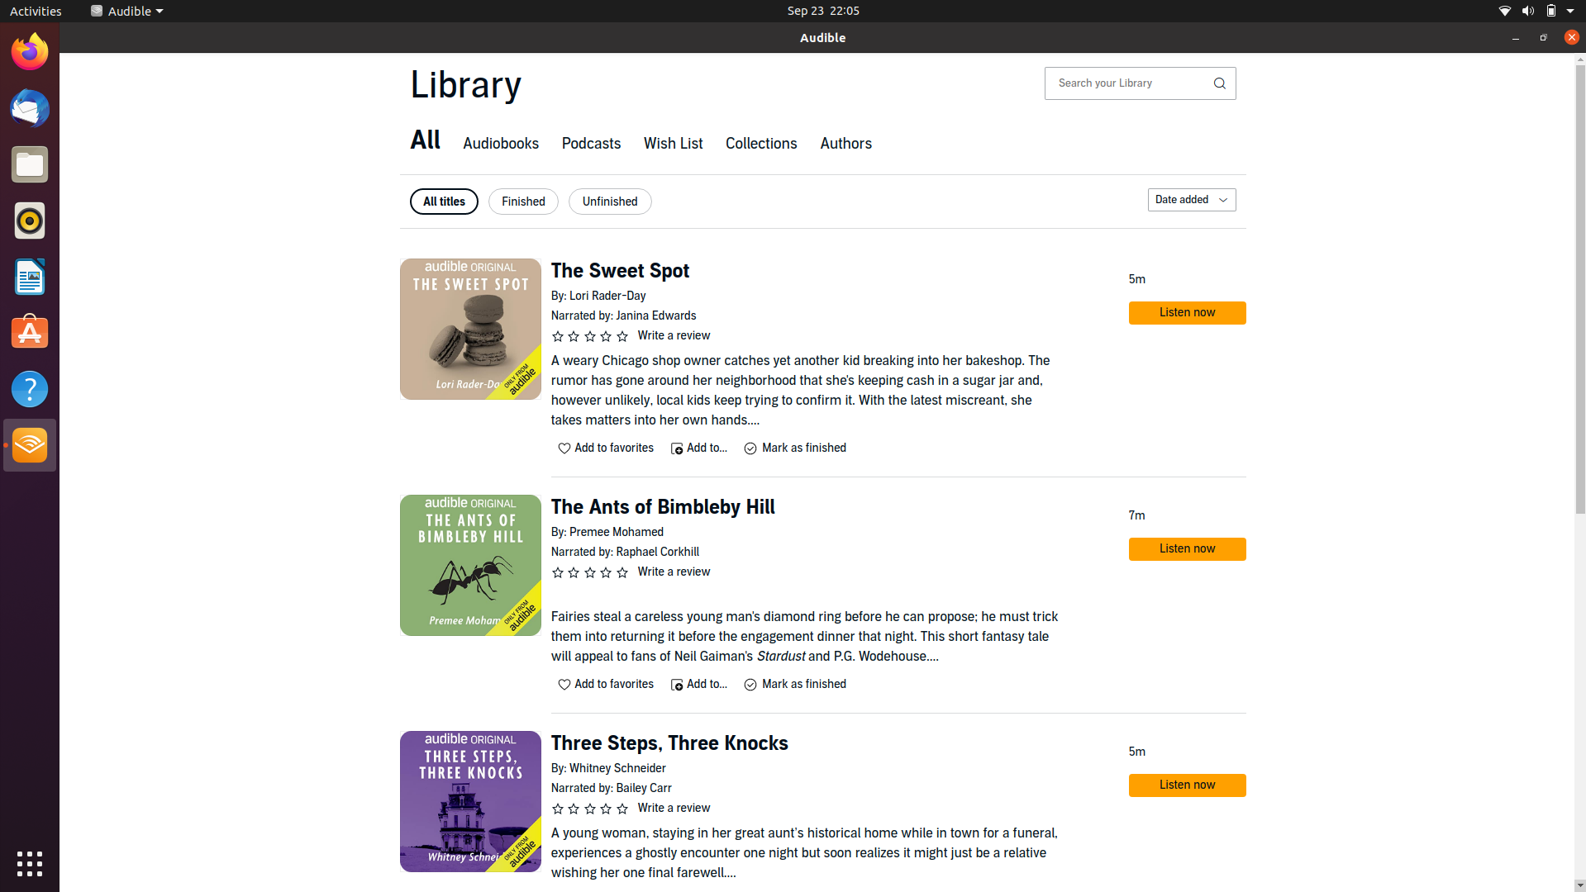  I want to click on Ubuntu market-place, so click(31, 331).